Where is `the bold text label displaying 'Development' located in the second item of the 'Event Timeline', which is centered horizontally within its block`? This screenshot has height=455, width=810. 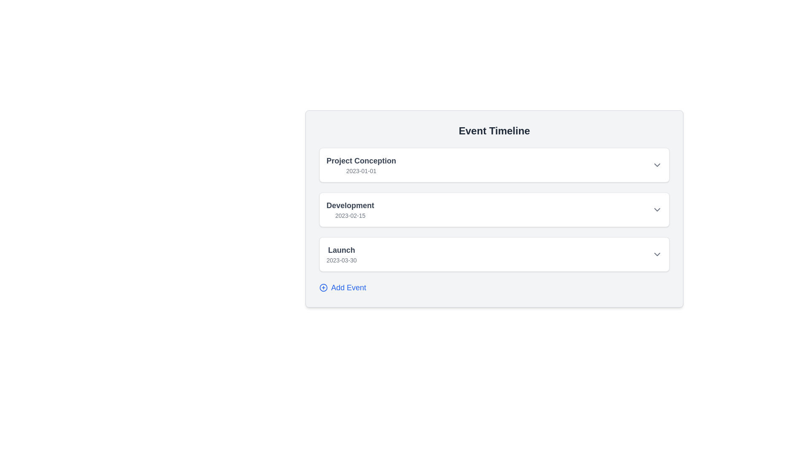
the bold text label displaying 'Development' located in the second item of the 'Event Timeline', which is centered horizontally within its block is located at coordinates (350, 206).